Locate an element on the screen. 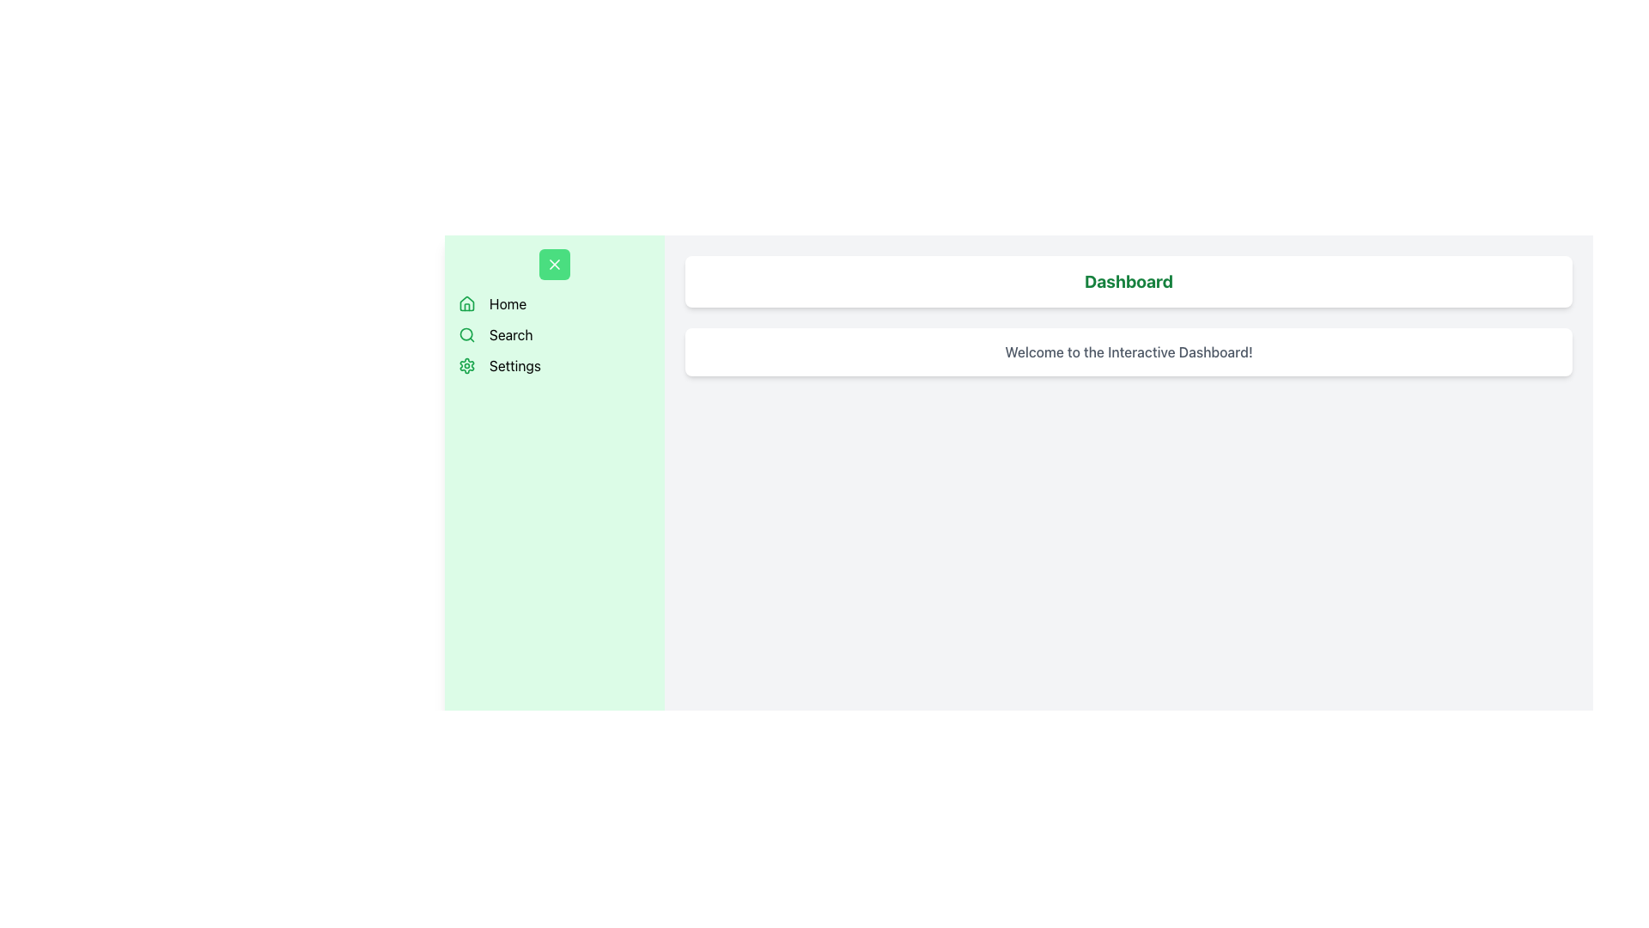 Image resolution: width=1649 pixels, height=928 pixels. the welcoming message text located centrally within the white, rounded rectangle section below the 'Dashboard' heading is located at coordinates (1129, 351).